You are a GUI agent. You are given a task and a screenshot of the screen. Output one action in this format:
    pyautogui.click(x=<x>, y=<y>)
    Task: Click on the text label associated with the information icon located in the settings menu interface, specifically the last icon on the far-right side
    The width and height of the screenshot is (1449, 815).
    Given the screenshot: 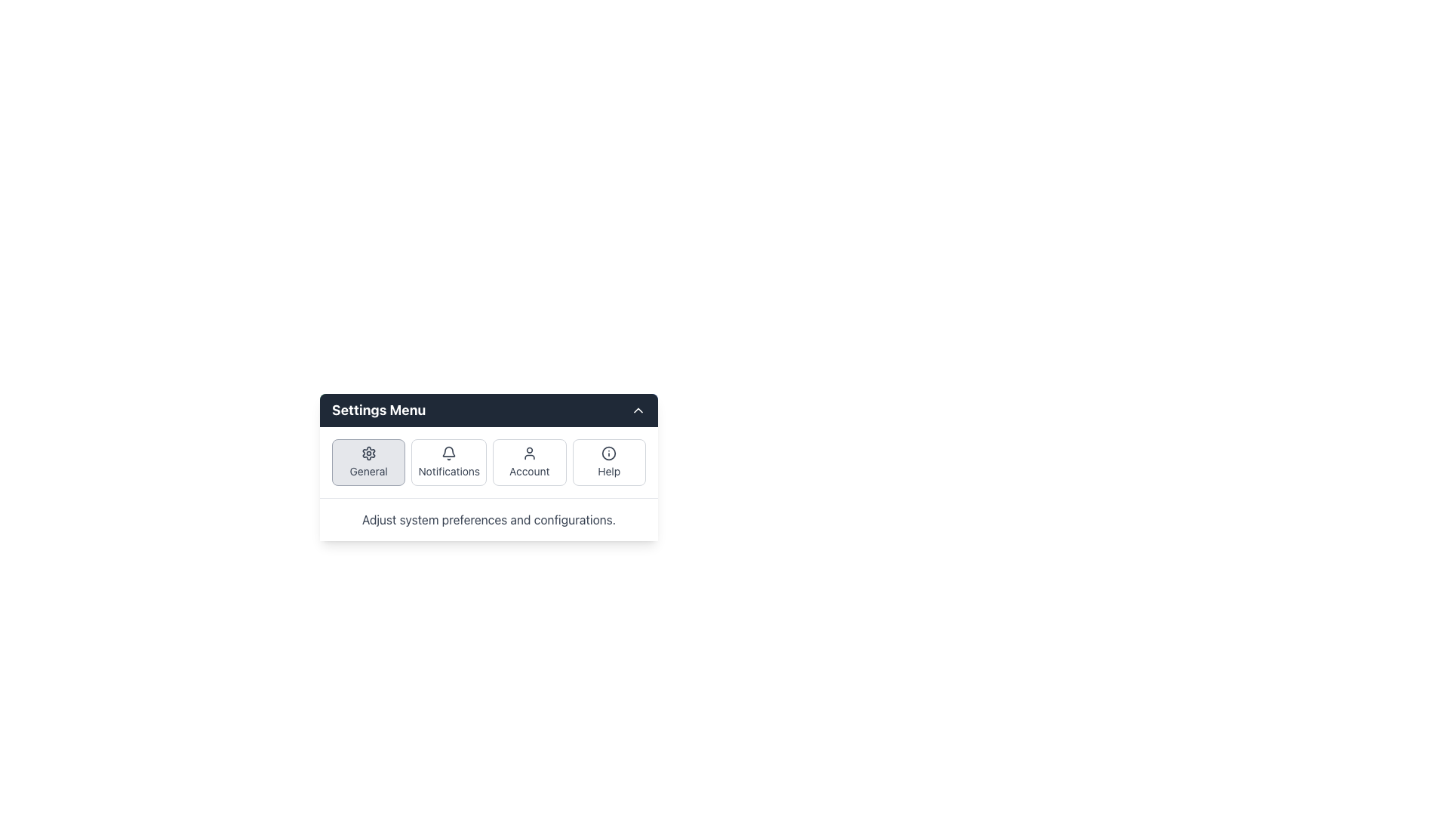 What is the action you would take?
    pyautogui.click(x=609, y=470)
    